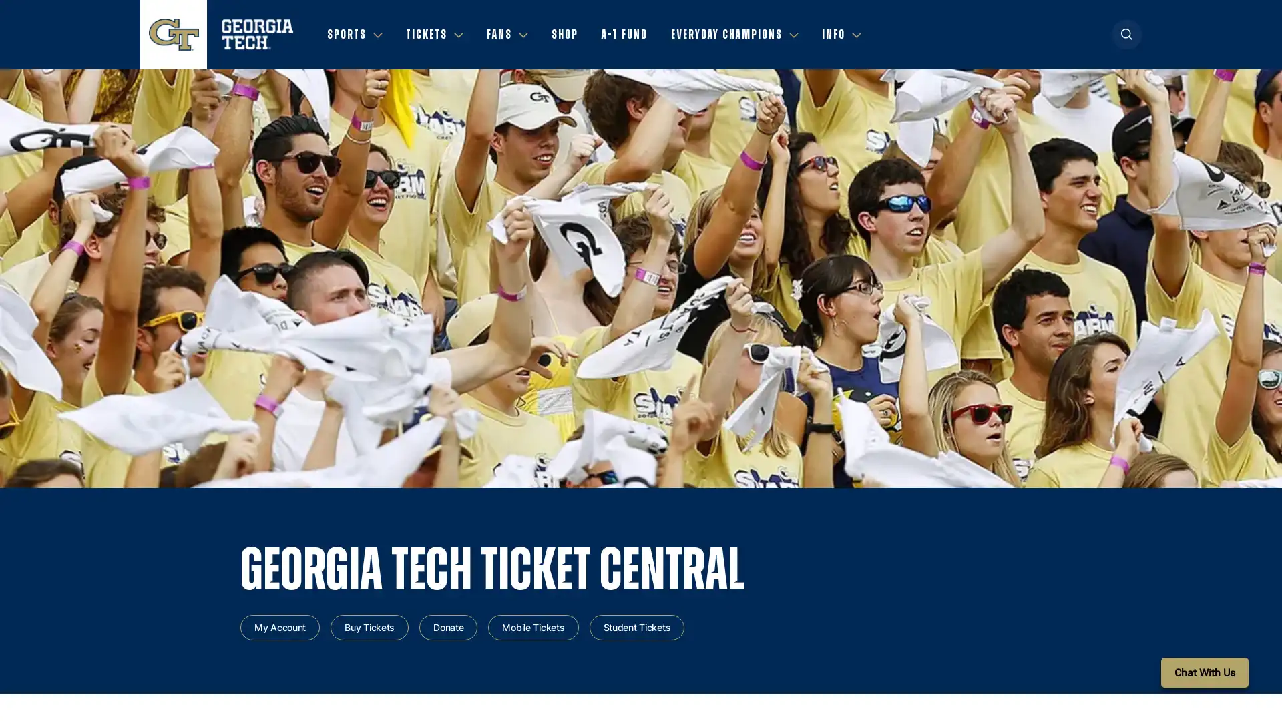  What do you see at coordinates (1205, 672) in the screenshot?
I see `open chat` at bounding box center [1205, 672].